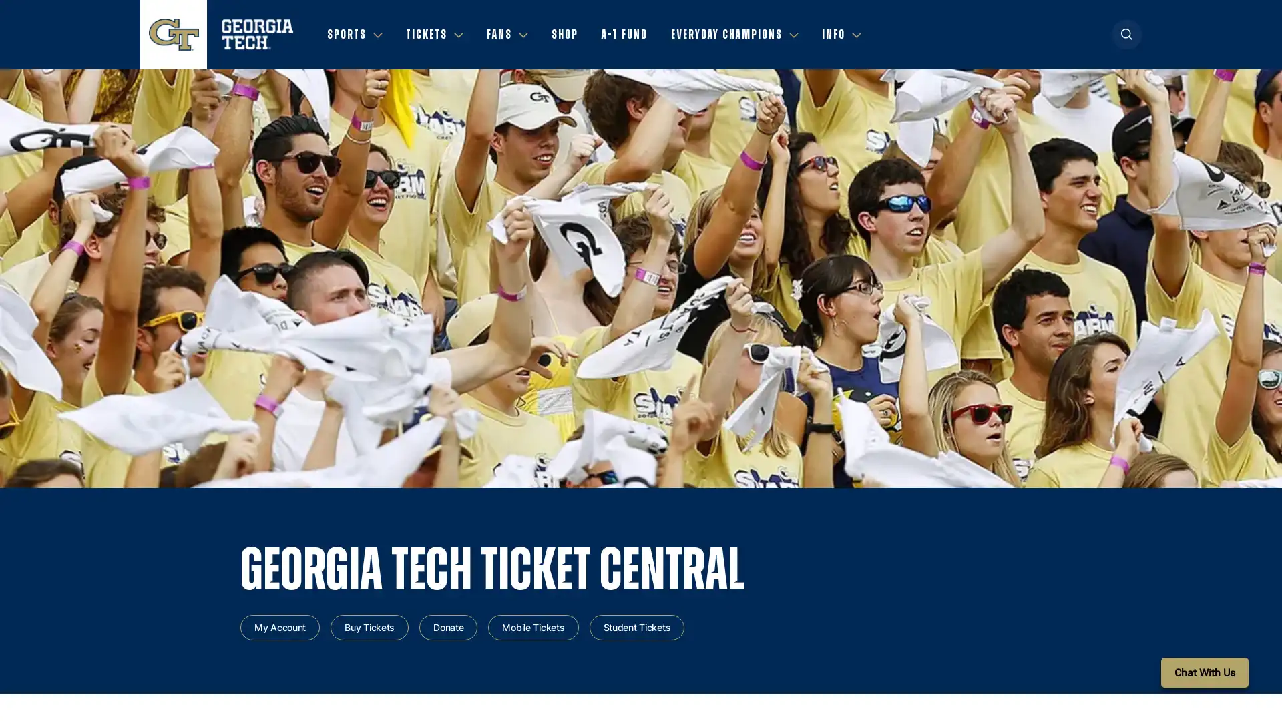  What do you see at coordinates (1205, 672) in the screenshot?
I see `open chat` at bounding box center [1205, 672].